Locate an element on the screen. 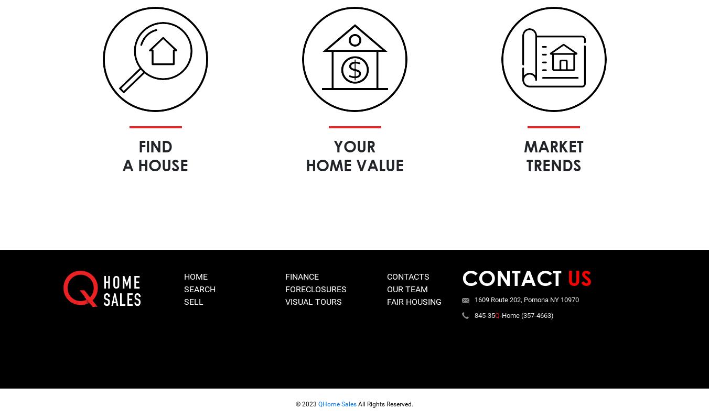 The height and width of the screenshot is (420, 709). 'Home' is located at coordinates (183, 276).